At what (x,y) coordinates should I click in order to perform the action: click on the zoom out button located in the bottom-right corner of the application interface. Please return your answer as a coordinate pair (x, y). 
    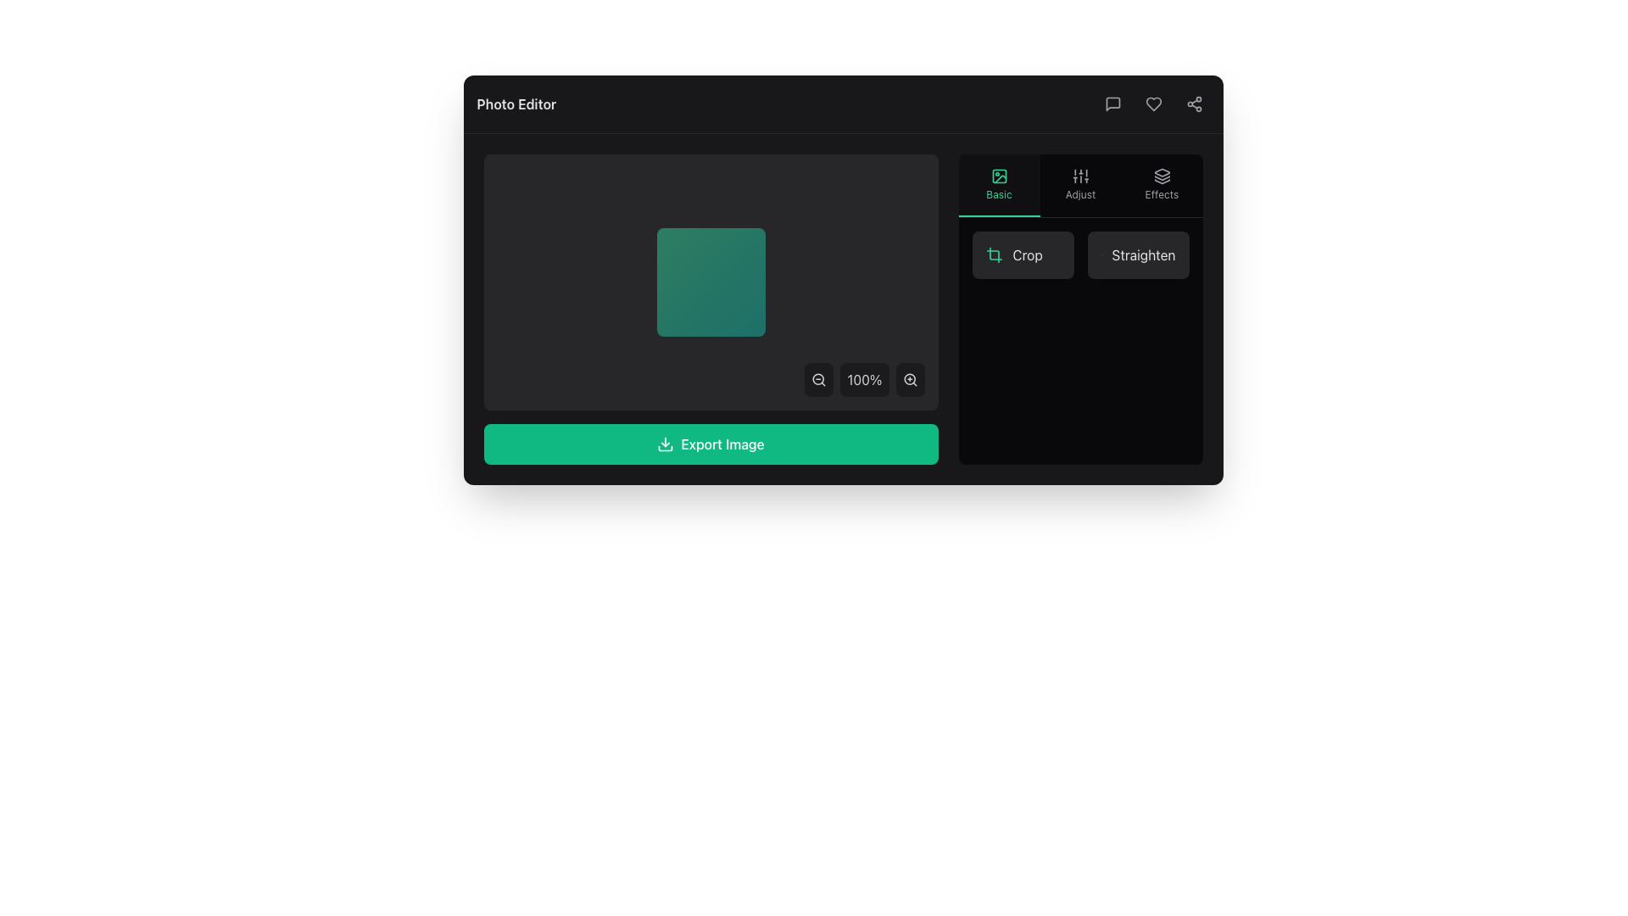
    Looking at the image, I should click on (819, 378).